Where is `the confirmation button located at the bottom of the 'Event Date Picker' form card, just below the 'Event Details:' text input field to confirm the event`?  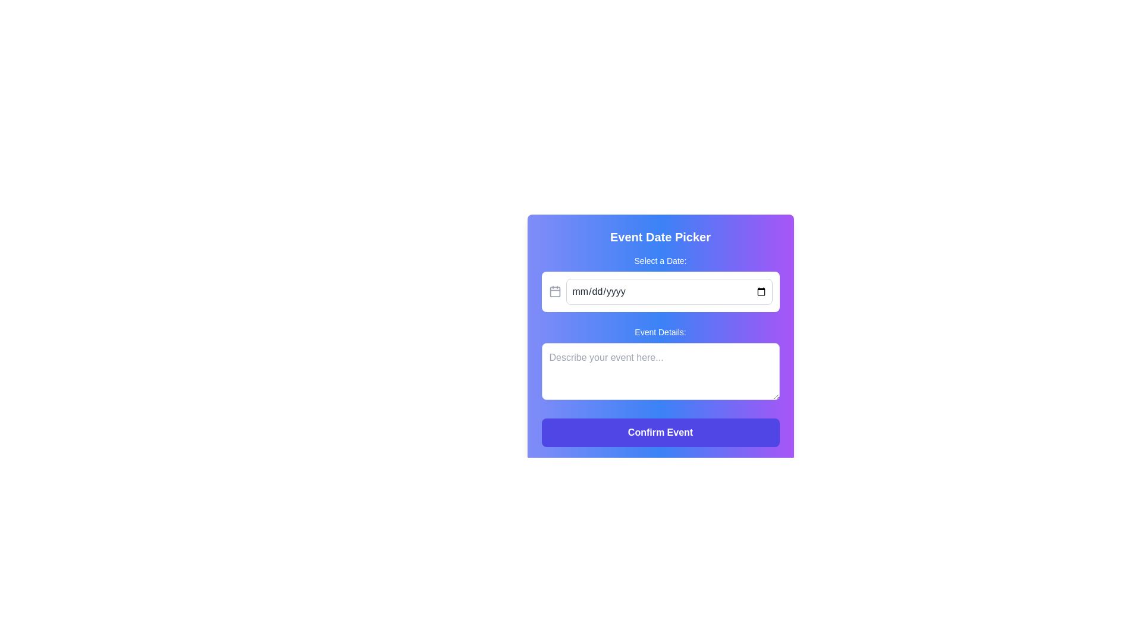
the confirmation button located at the bottom of the 'Event Date Picker' form card, just below the 'Event Details:' text input field to confirm the event is located at coordinates (660, 433).